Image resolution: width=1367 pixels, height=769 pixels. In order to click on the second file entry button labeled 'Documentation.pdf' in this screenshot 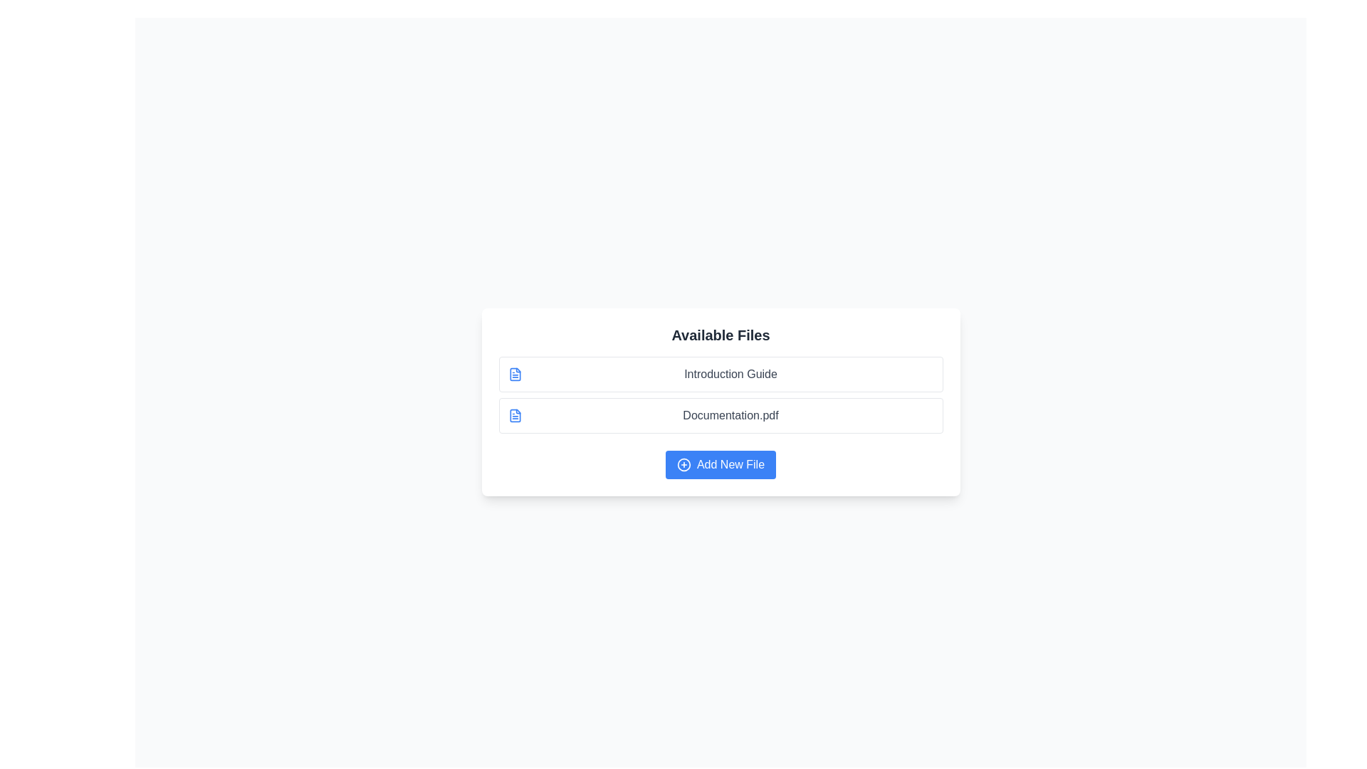, I will do `click(721, 415)`.